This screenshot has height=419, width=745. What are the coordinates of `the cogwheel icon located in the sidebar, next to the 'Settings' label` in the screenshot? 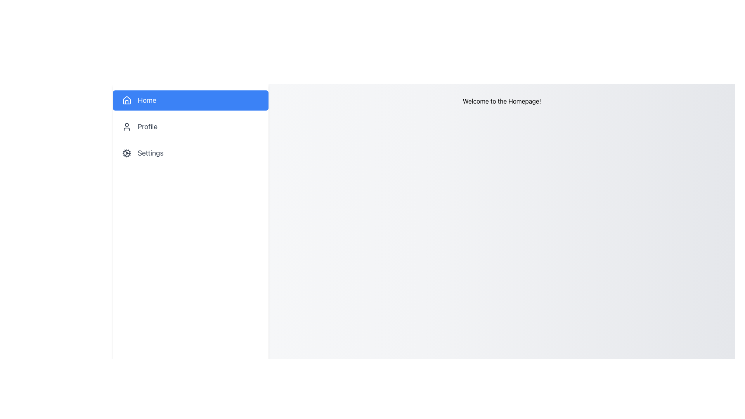 It's located at (126, 153).